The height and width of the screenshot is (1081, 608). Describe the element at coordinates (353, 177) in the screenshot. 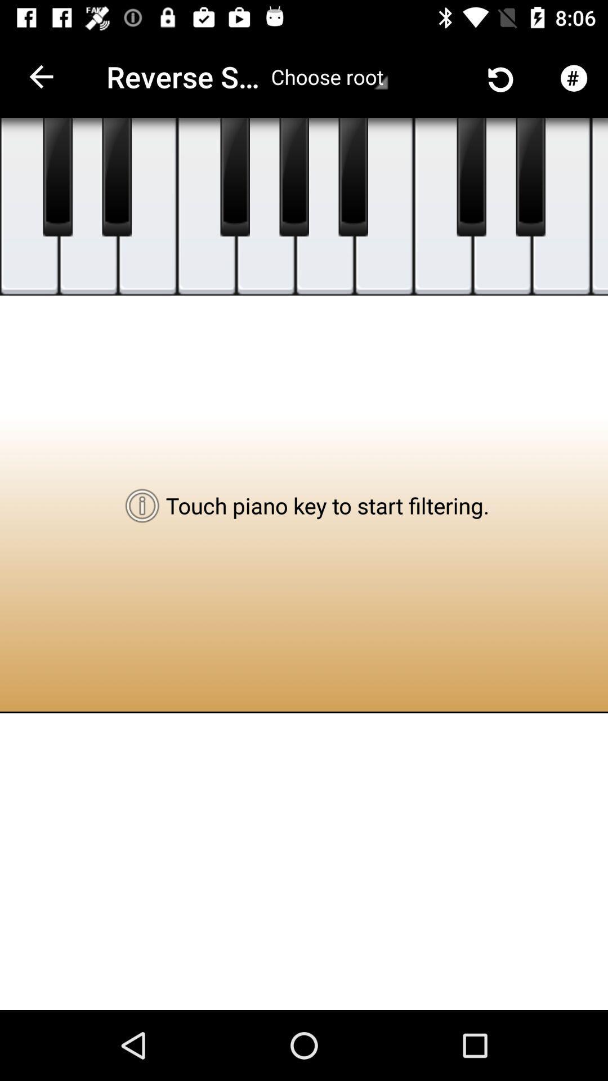

I see `the third black piano key from right side` at that location.